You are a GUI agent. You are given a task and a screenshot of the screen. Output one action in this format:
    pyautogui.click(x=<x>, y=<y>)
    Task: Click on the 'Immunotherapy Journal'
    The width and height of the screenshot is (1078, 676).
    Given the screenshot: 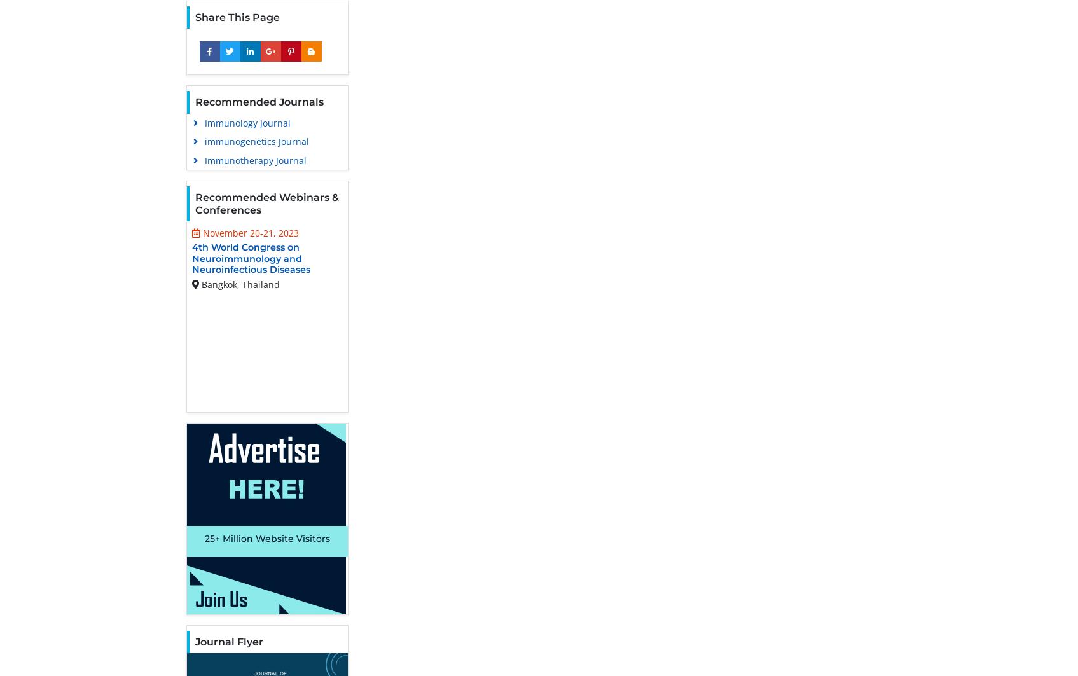 What is the action you would take?
    pyautogui.click(x=256, y=160)
    